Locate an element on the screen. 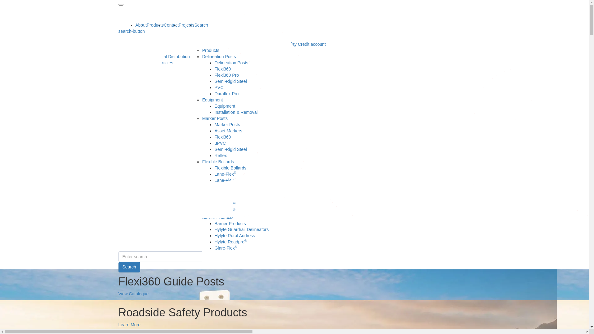 Image resolution: width=594 pixels, height=334 pixels. 'About' is located at coordinates (141, 25).